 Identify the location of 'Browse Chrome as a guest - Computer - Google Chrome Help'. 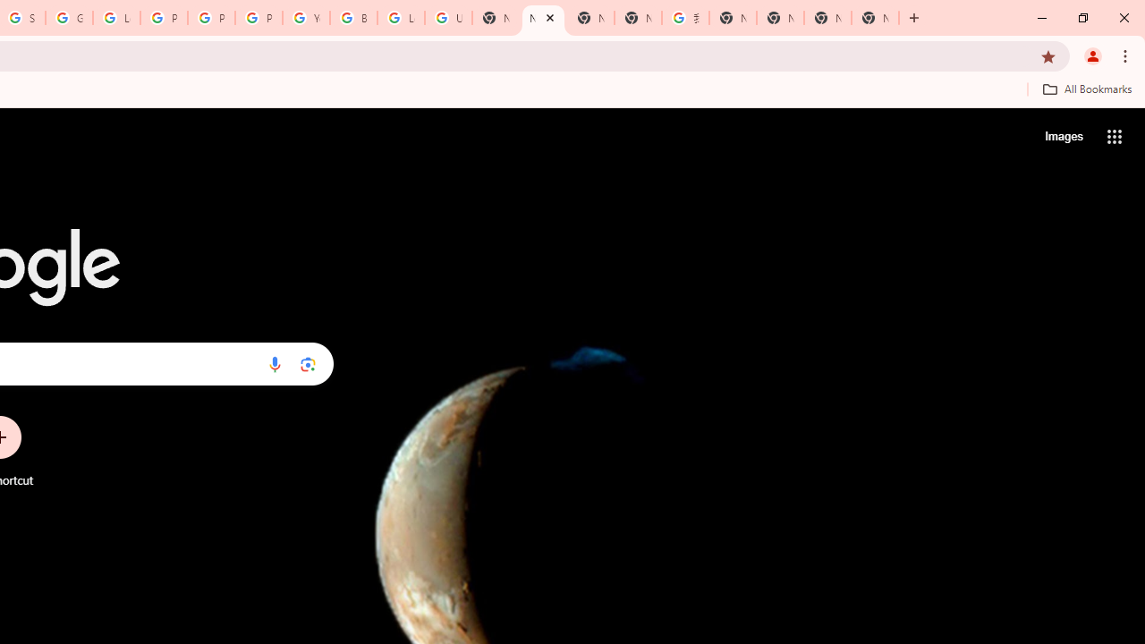
(353, 18).